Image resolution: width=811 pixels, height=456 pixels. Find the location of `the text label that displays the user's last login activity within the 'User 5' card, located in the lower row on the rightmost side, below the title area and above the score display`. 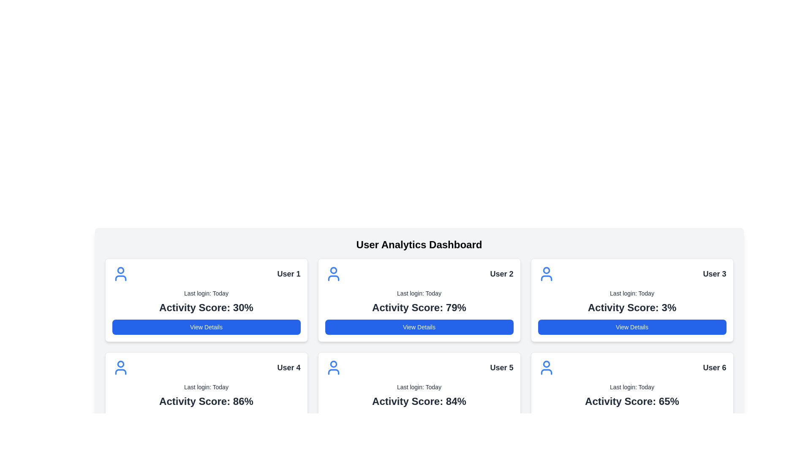

the text label that displays the user's last login activity within the 'User 5' card, located in the lower row on the rightmost side, below the title area and above the score display is located at coordinates (419, 387).